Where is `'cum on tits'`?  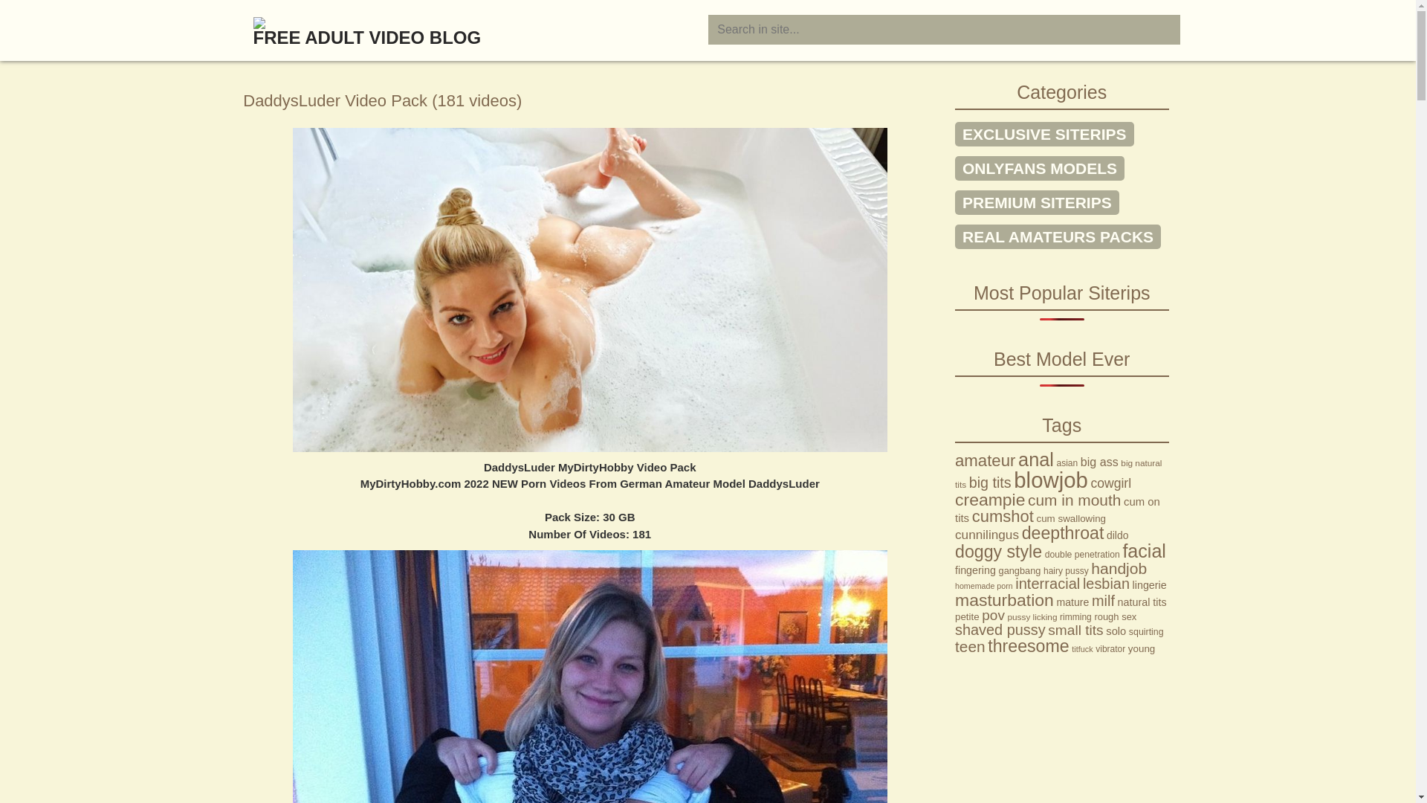 'cum on tits' is located at coordinates (955, 509).